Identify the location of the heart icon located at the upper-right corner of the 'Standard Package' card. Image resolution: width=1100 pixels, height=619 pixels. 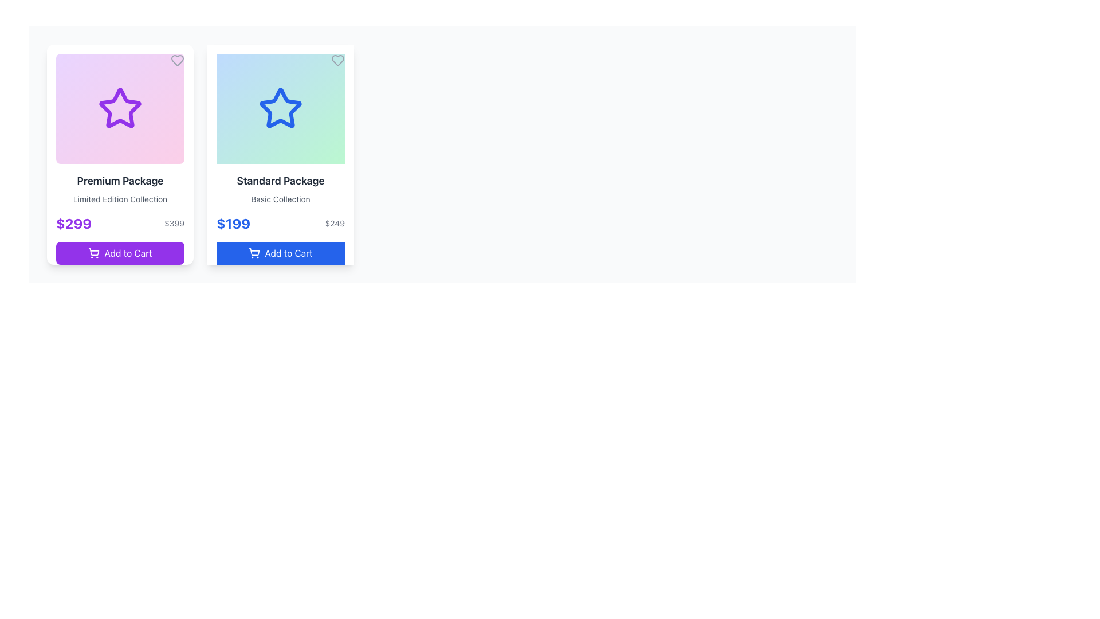
(337, 60).